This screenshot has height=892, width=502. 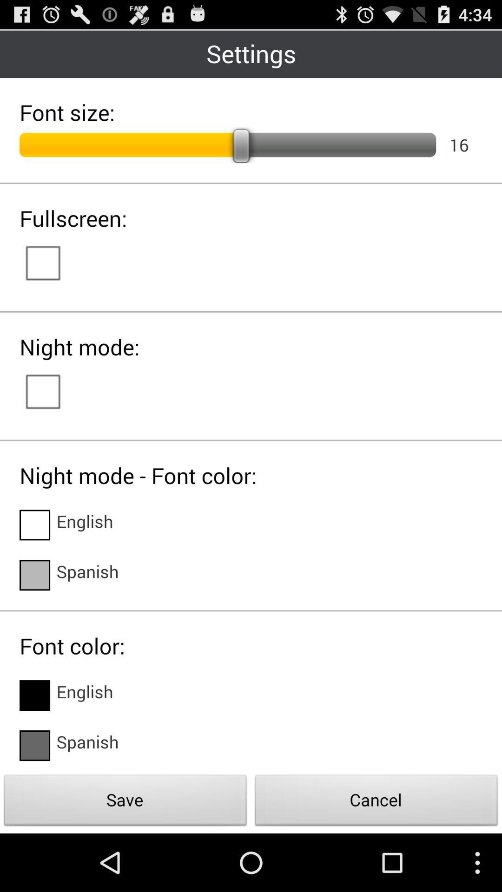 I want to click on icon to the right of the save icon, so click(x=376, y=802).